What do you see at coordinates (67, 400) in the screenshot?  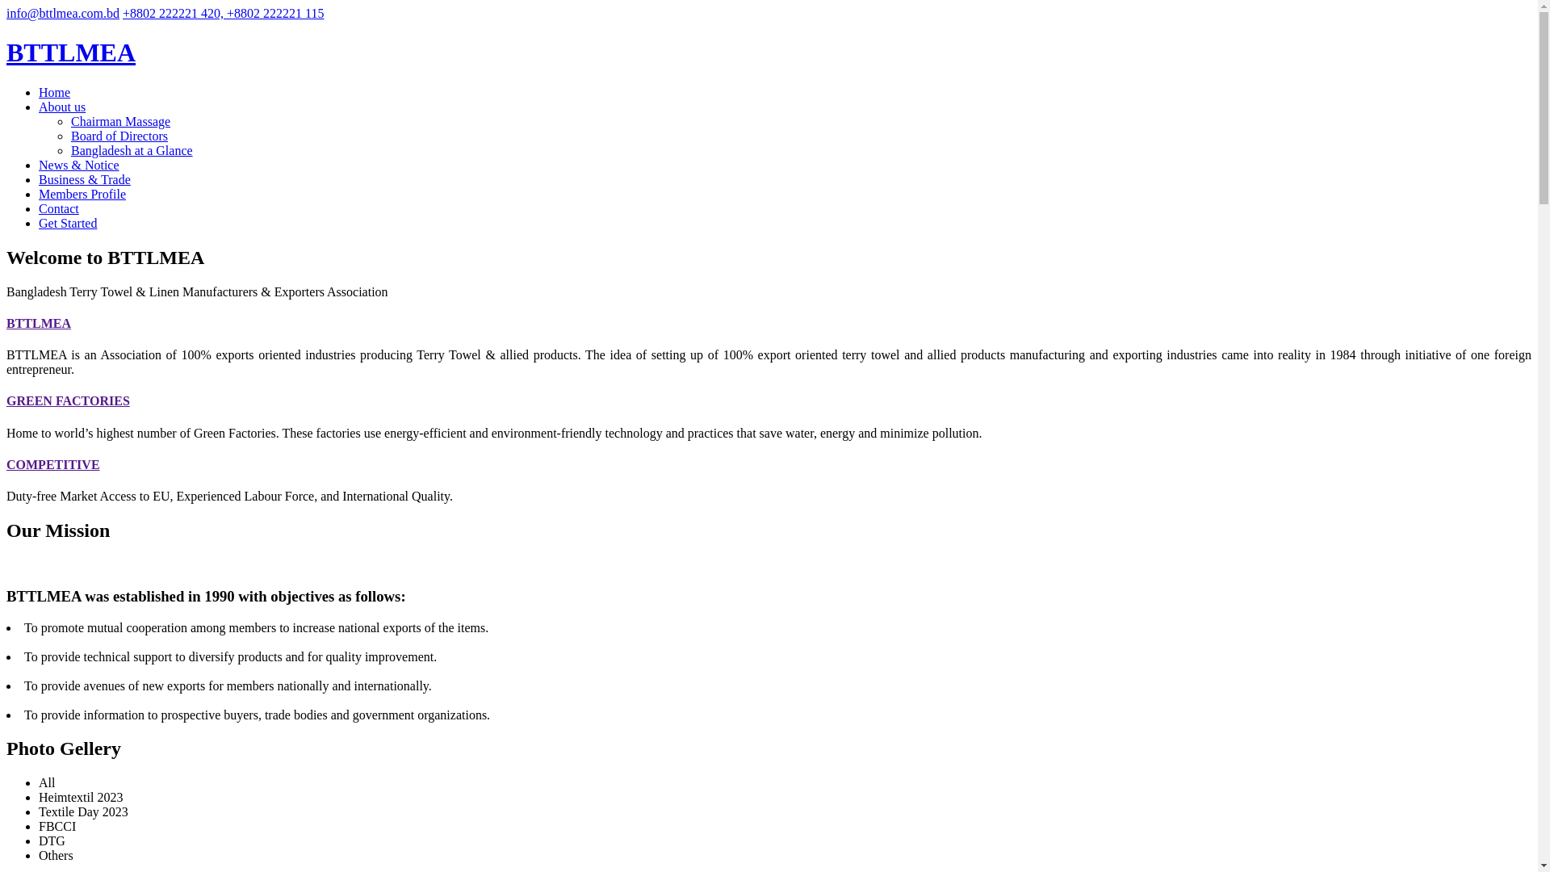 I see `'GREEN FACTORIES'` at bounding box center [67, 400].